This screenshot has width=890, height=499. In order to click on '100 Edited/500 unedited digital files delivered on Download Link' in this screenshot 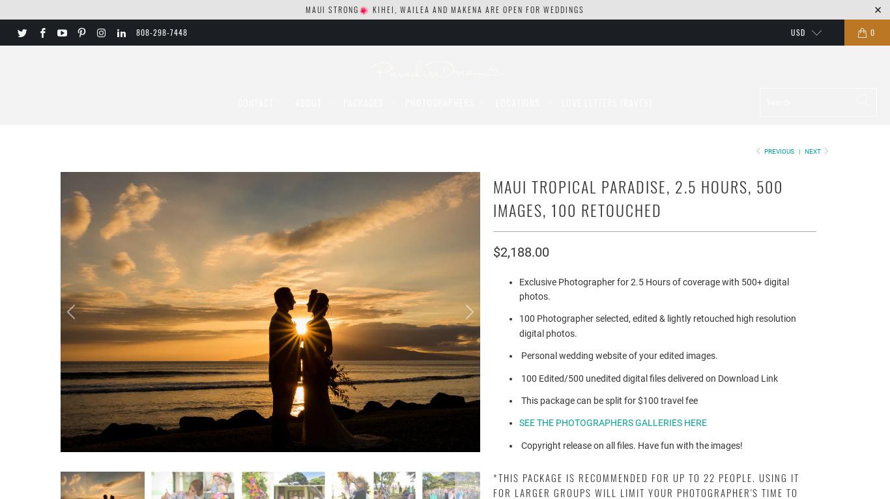, I will do `click(648, 378)`.